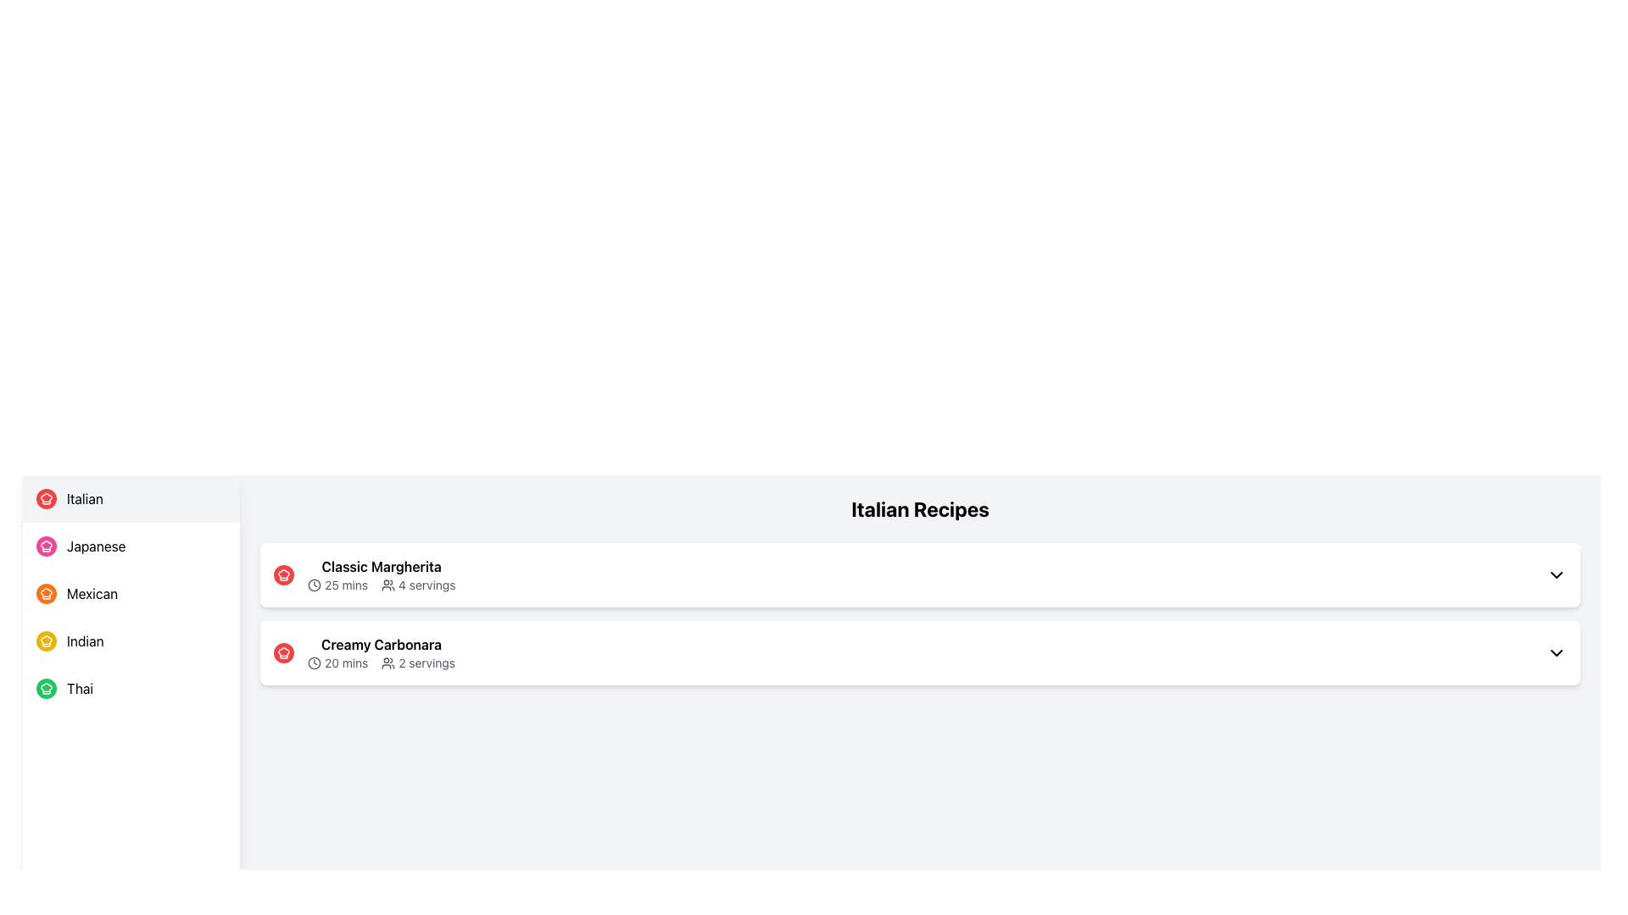 The height and width of the screenshot is (915, 1628). I want to click on the icon representing multiple users or groups, which is positioned to the left of the servings text, so click(387, 584).